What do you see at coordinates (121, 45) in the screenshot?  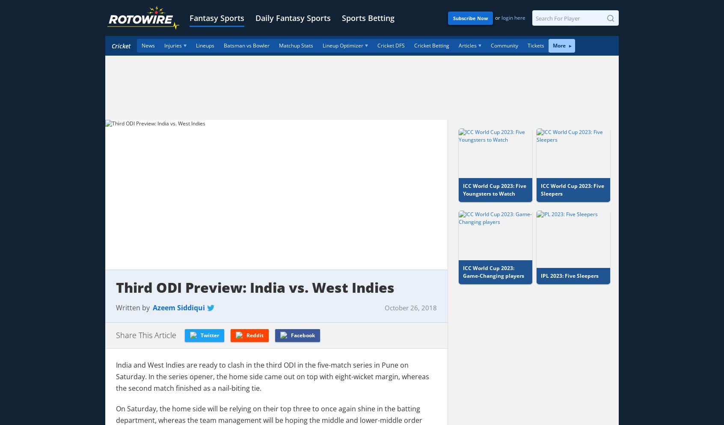 I see `'Cricket'` at bounding box center [121, 45].